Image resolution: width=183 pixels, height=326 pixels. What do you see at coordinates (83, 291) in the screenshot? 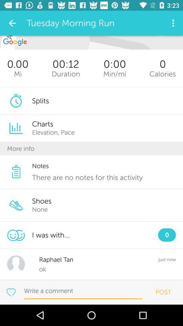
I see `write comment here` at bounding box center [83, 291].